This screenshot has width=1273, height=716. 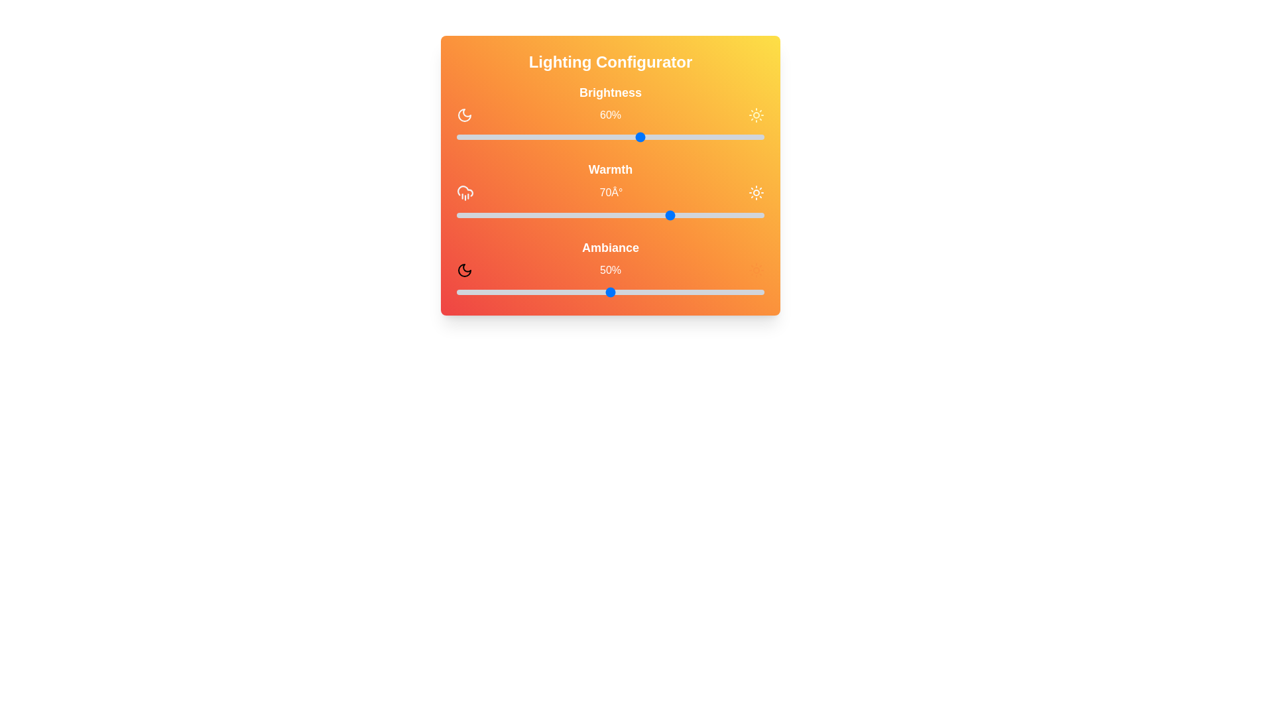 What do you see at coordinates (739, 291) in the screenshot?
I see `the ambiance slider to 92%` at bounding box center [739, 291].